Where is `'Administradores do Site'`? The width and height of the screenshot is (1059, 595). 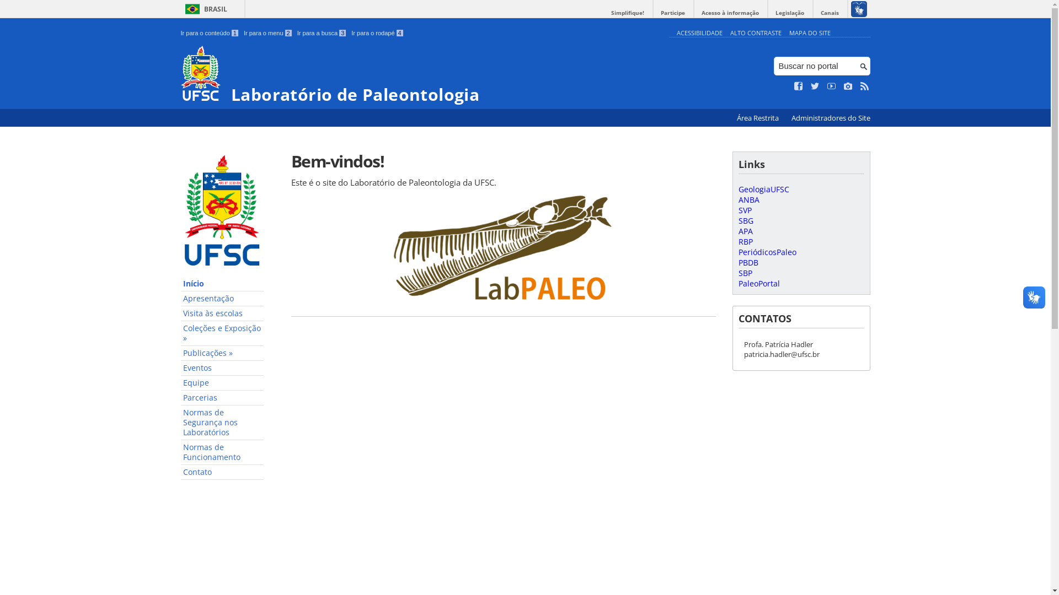 'Administradores do Site' is located at coordinates (830, 118).